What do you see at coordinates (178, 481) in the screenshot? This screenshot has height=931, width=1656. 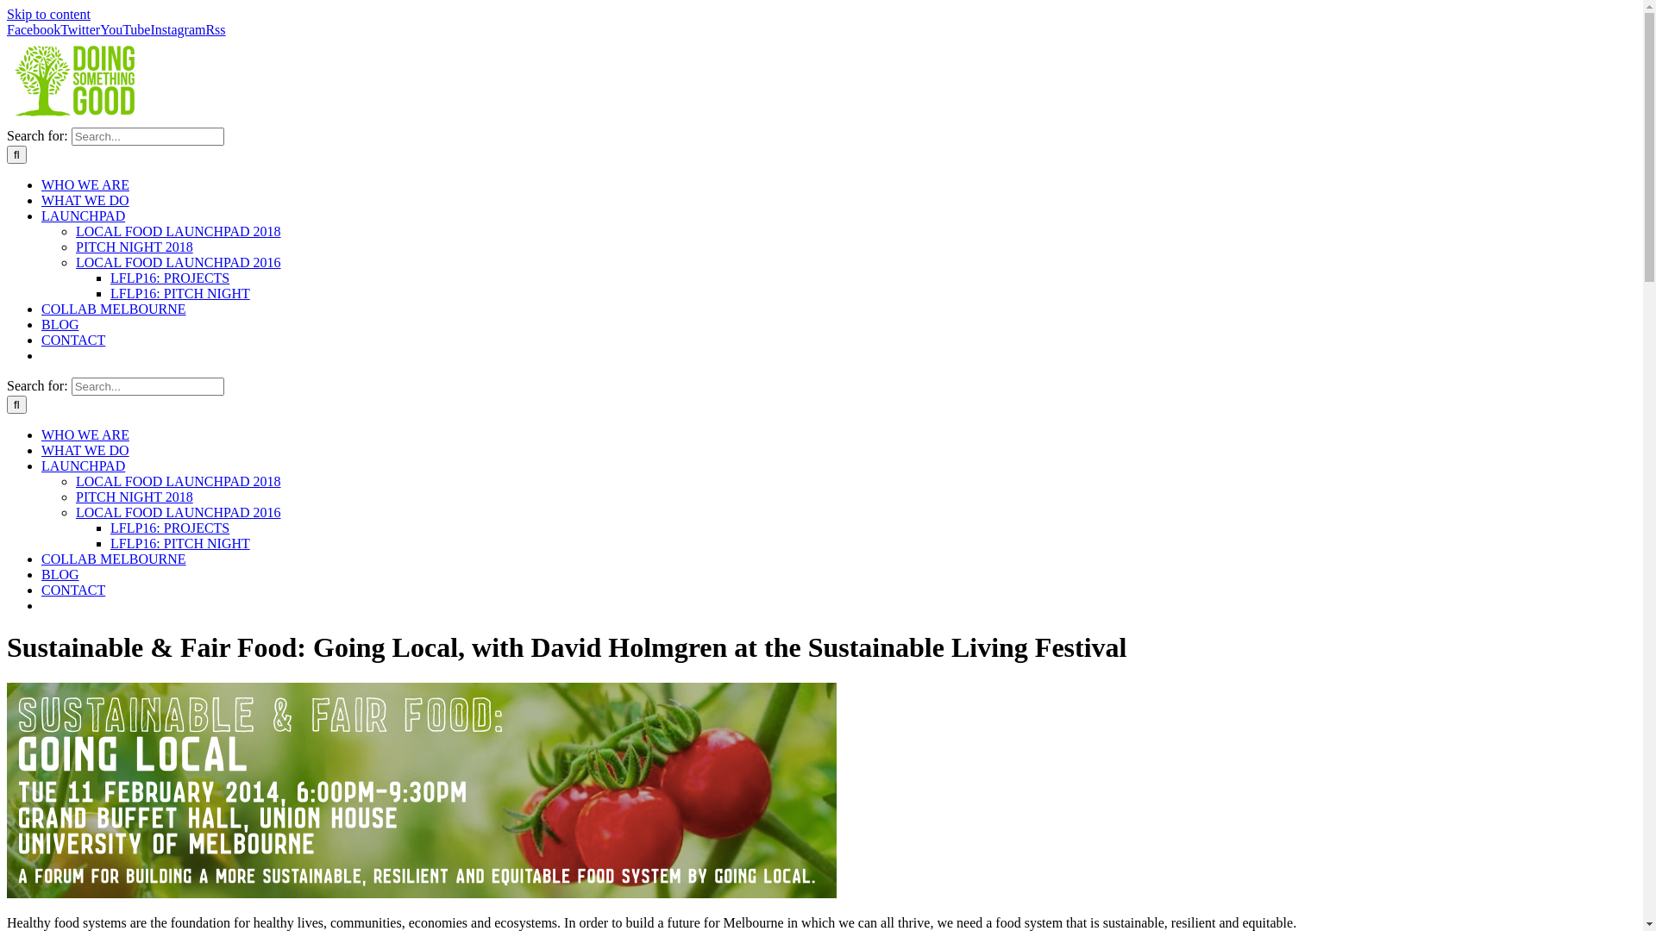 I see `'LOCAL FOOD LAUNCHPAD 2018'` at bounding box center [178, 481].